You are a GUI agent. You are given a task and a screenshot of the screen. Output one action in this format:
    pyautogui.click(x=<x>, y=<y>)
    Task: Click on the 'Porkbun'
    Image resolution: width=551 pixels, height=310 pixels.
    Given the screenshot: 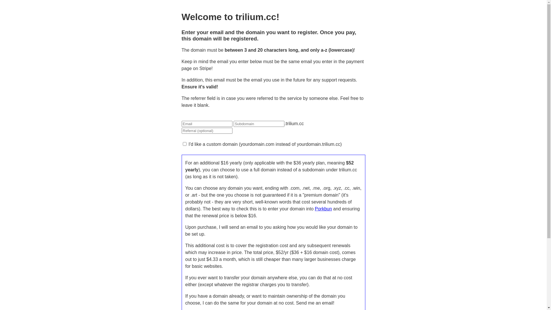 What is the action you would take?
    pyautogui.click(x=323, y=209)
    